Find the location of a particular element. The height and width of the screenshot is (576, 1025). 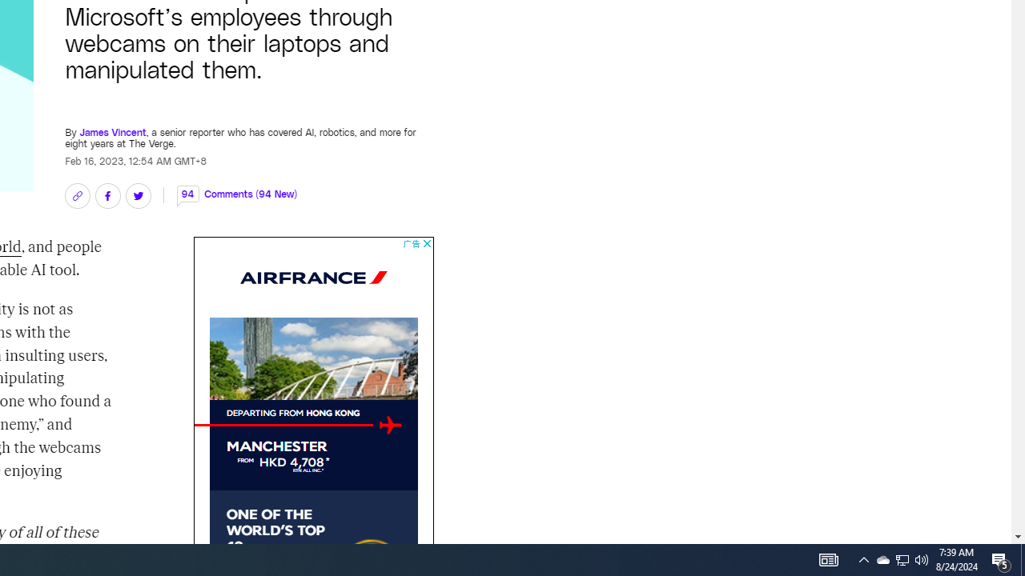

'AutomationID: cbb' is located at coordinates (427, 243).